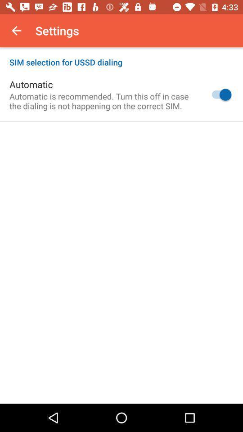  I want to click on automatic is recommended item, so click(102, 101).